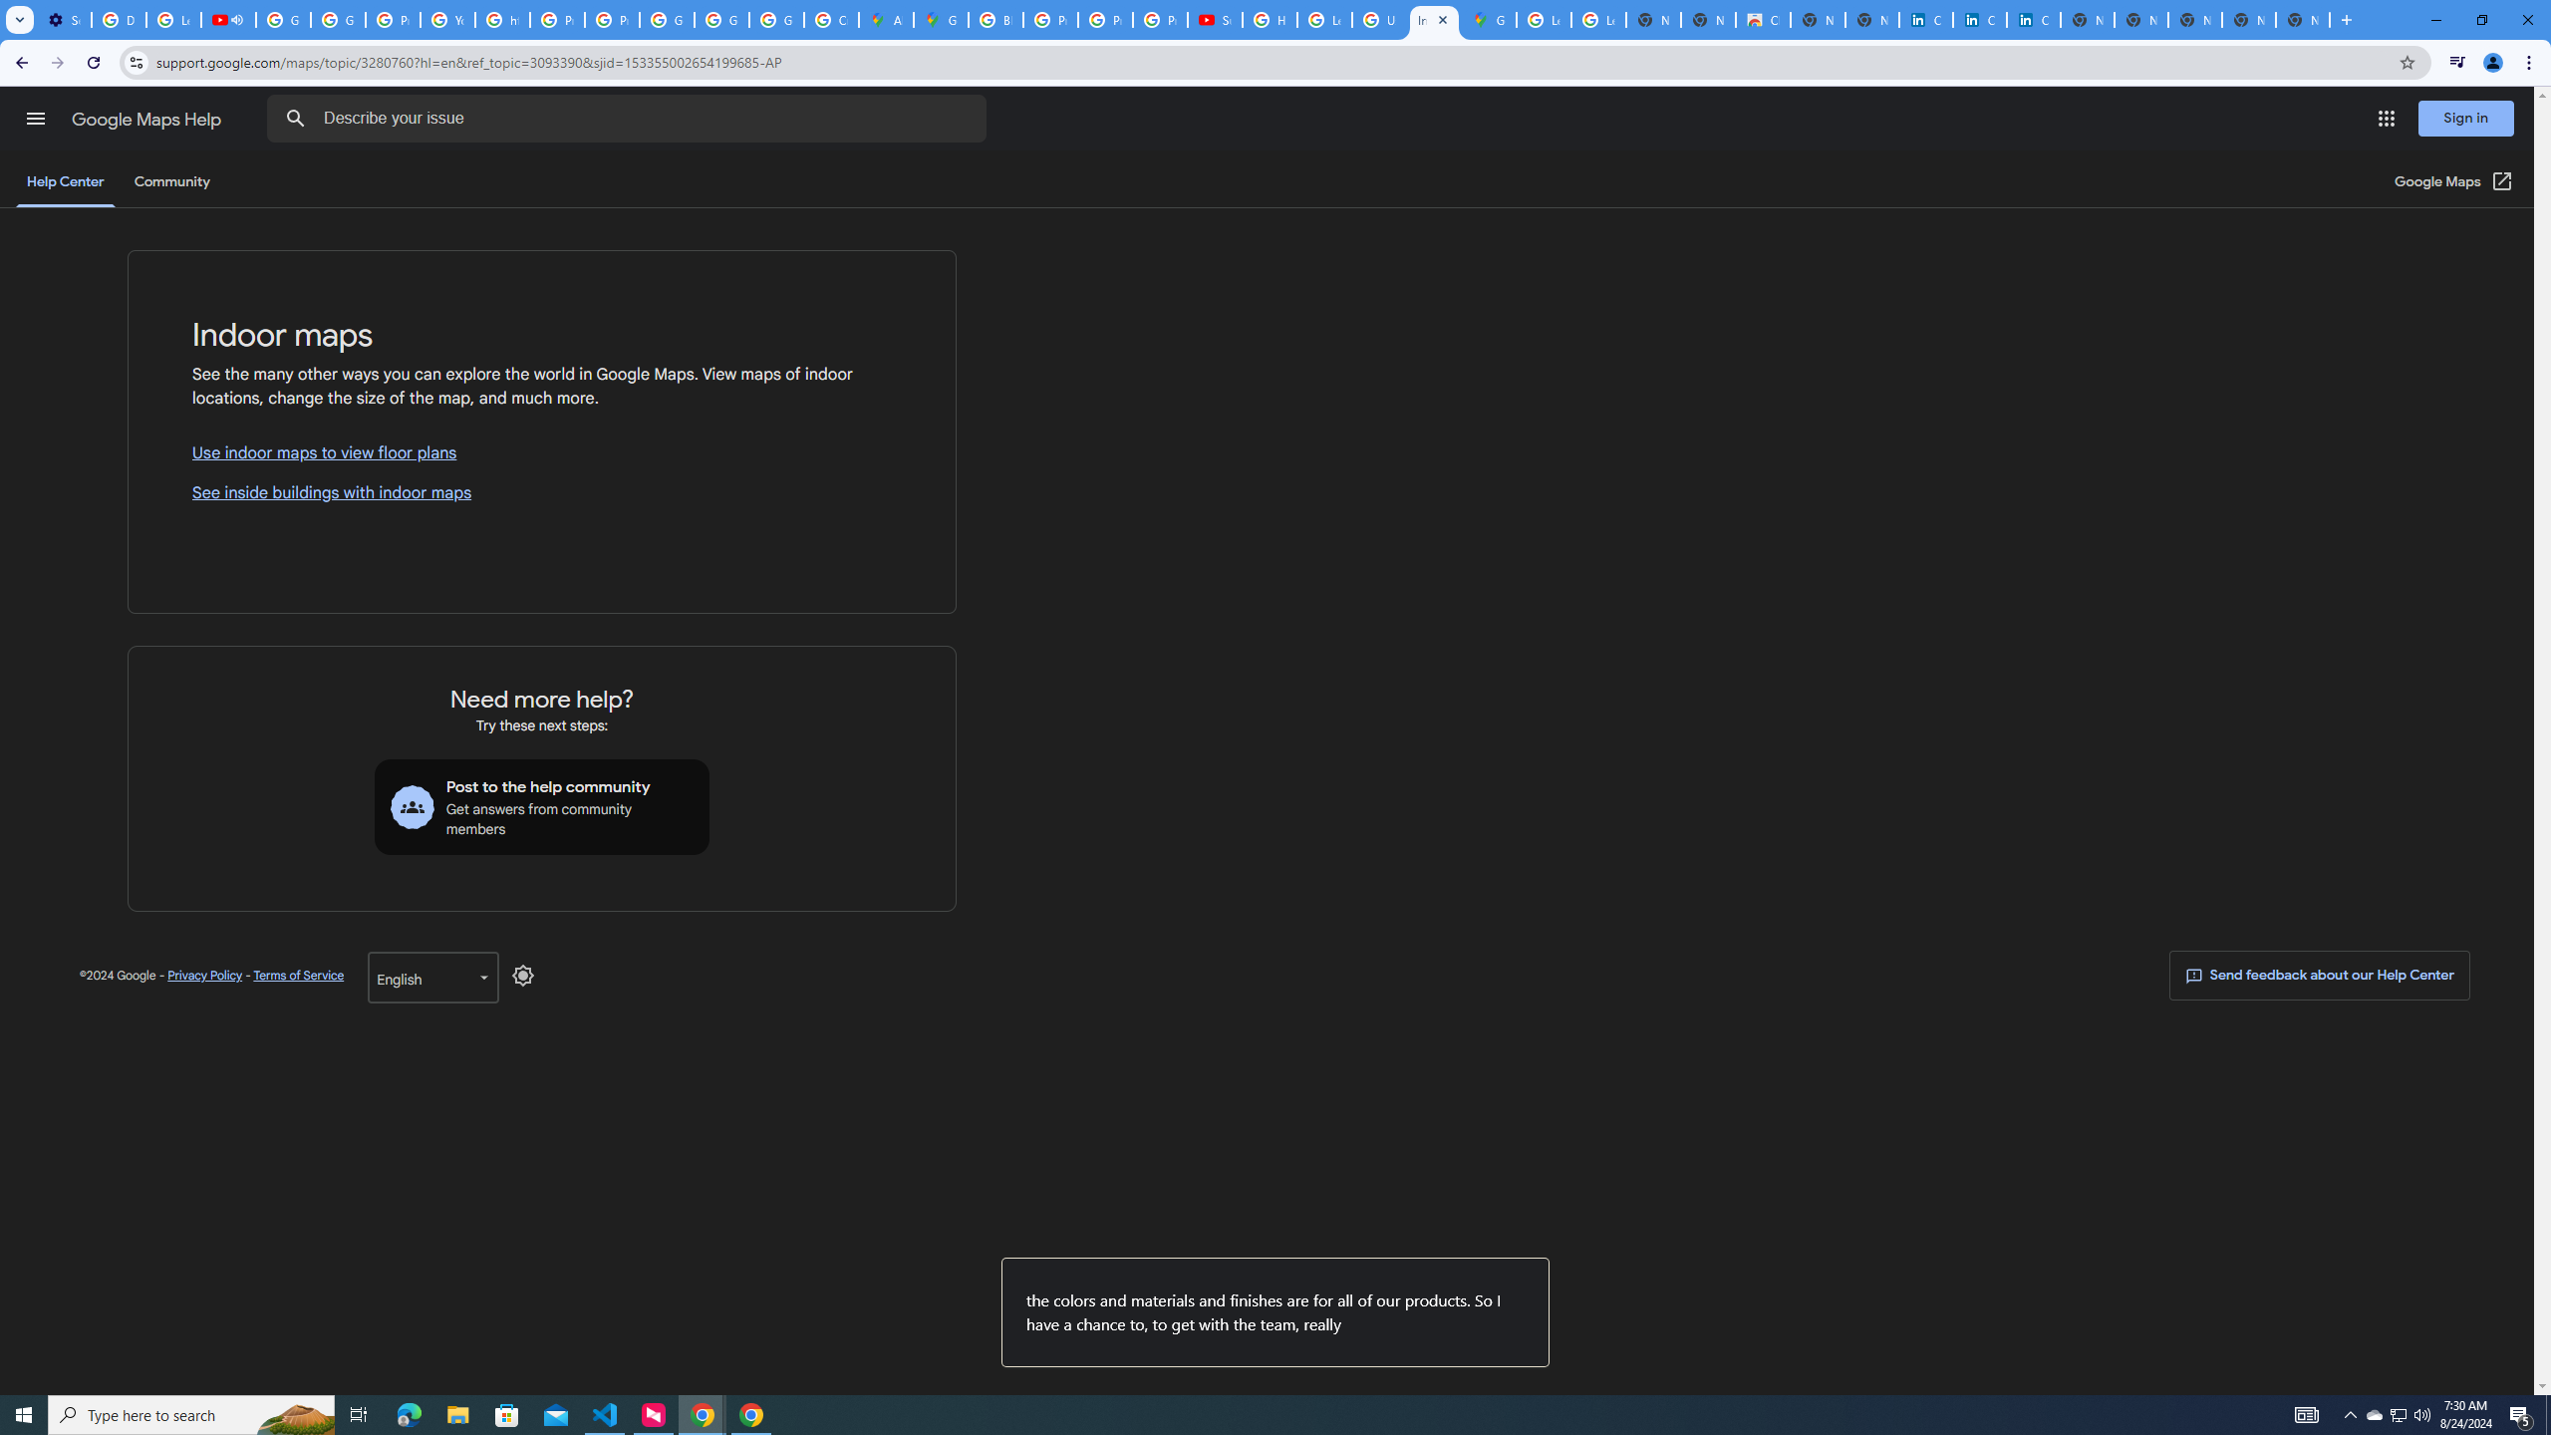  I want to click on 'Cookie Policy | LinkedIn', so click(1925, 19).